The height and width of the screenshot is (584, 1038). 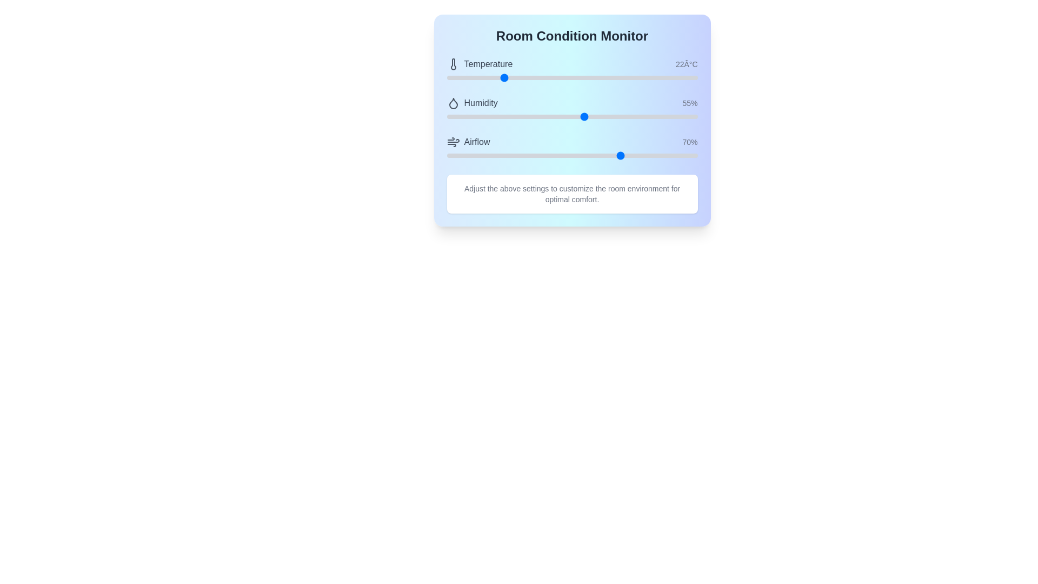 I want to click on airflow level, so click(x=454, y=156).